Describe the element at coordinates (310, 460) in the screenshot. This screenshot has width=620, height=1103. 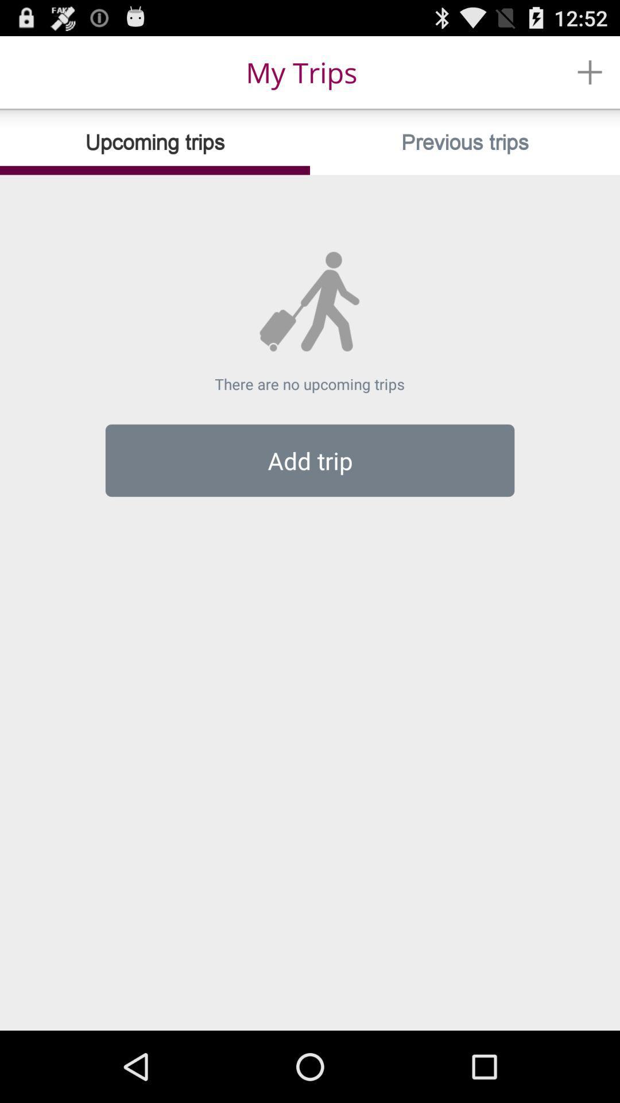
I see `the add trip` at that location.